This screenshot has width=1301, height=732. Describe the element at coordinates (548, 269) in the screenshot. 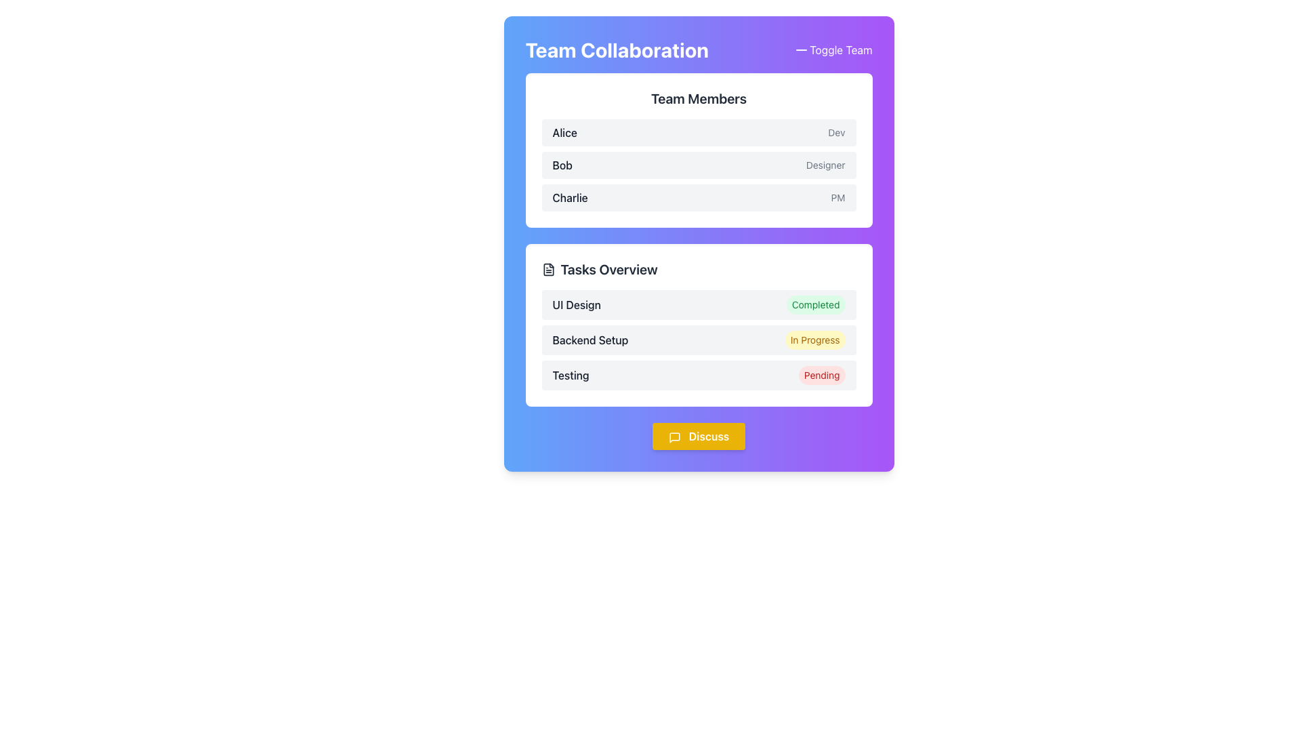

I see `the small file-text icon with a thin outline located to the left of the heading 'Tasks Overview'` at that location.